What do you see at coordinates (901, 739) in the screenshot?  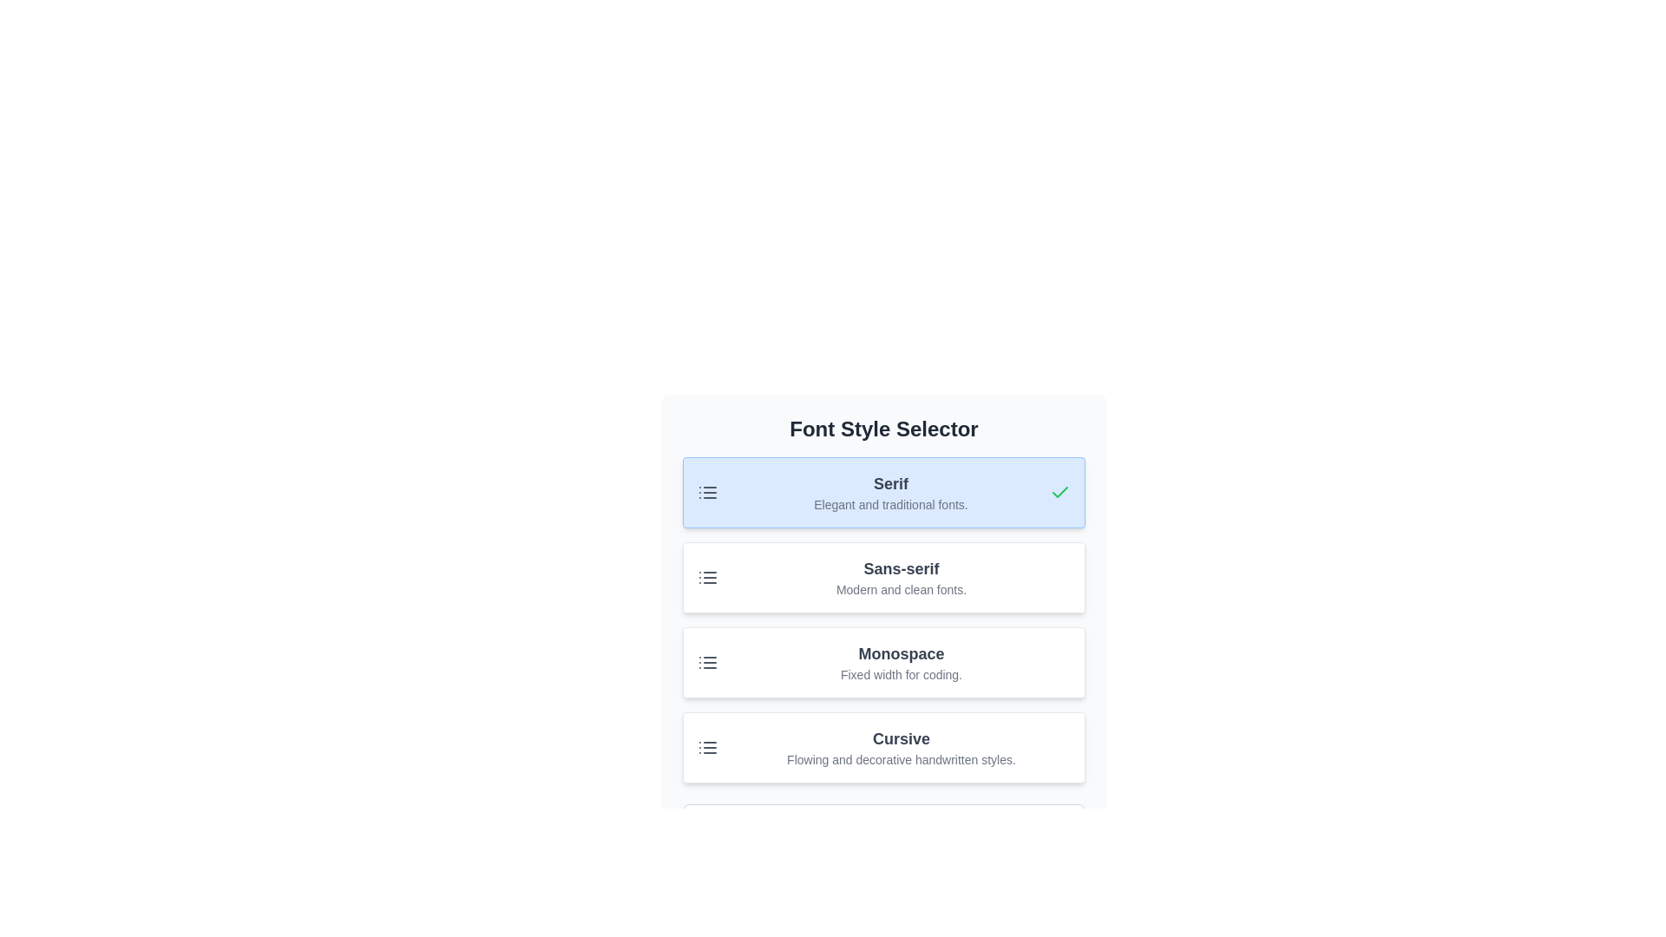 I see `text of the 'Cursive' font style label located at the top of the 'Cursive' option block in the font style selector interface` at bounding box center [901, 739].